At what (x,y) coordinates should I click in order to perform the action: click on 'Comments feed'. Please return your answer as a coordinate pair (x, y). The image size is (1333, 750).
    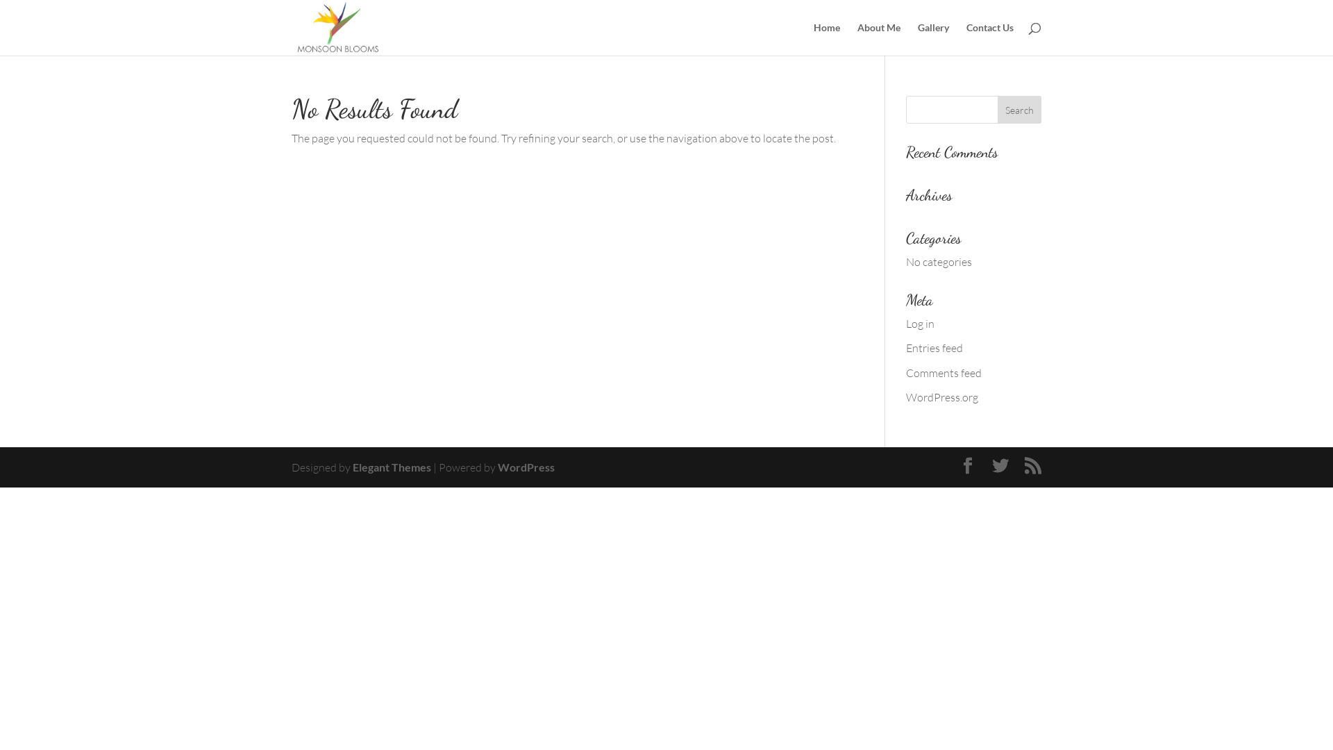
    Looking at the image, I should click on (944, 372).